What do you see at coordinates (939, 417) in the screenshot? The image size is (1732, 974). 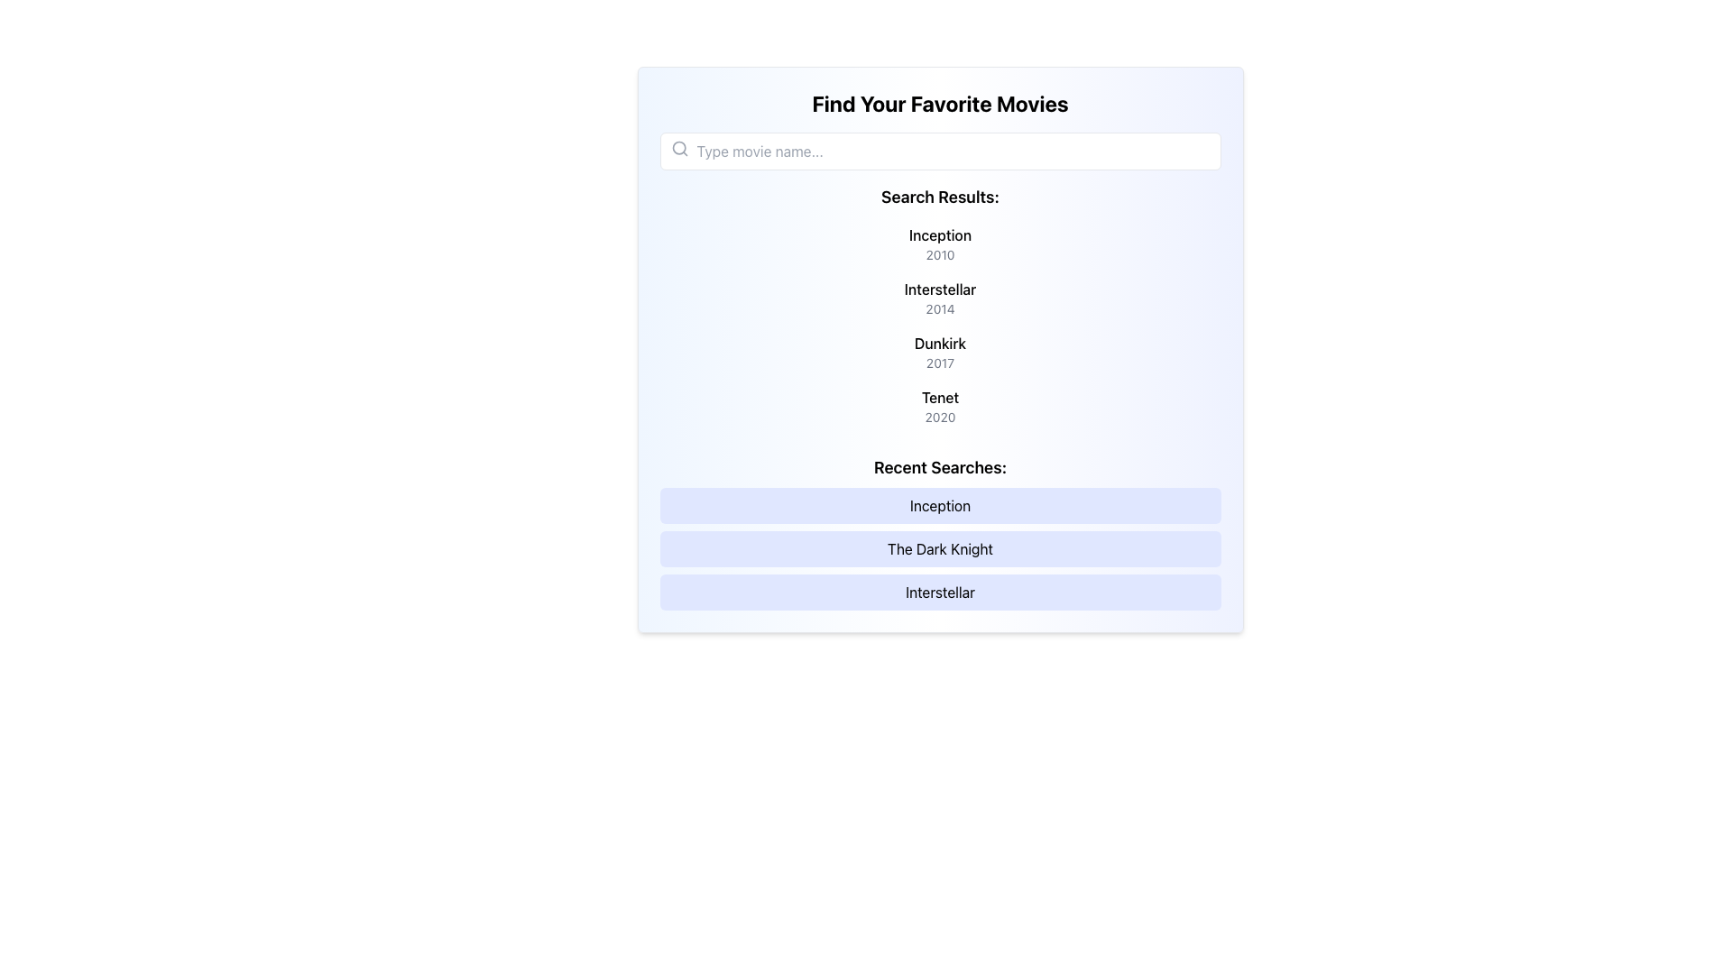 I see `the informational text label displaying the year for the movie 'Tenet', which is located below the title and part of the 'Search Results' section` at bounding box center [939, 417].